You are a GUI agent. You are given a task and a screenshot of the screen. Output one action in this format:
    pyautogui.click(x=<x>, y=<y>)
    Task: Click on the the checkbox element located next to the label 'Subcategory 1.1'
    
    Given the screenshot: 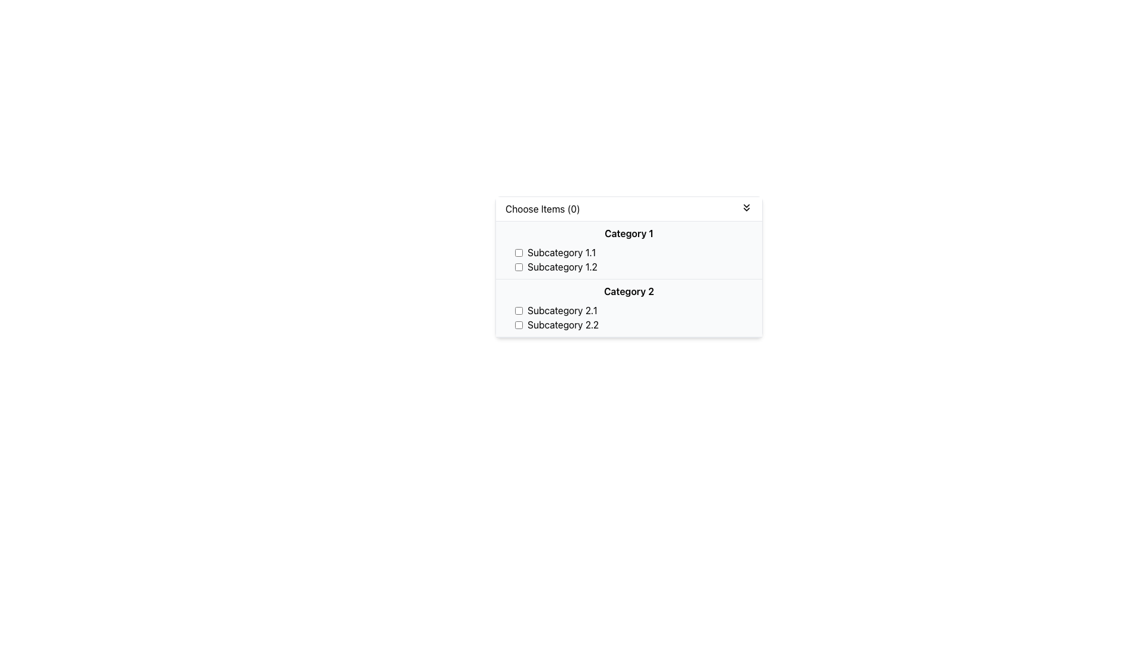 What is the action you would take?
    pyautogui.click(x=519, y=252)
    